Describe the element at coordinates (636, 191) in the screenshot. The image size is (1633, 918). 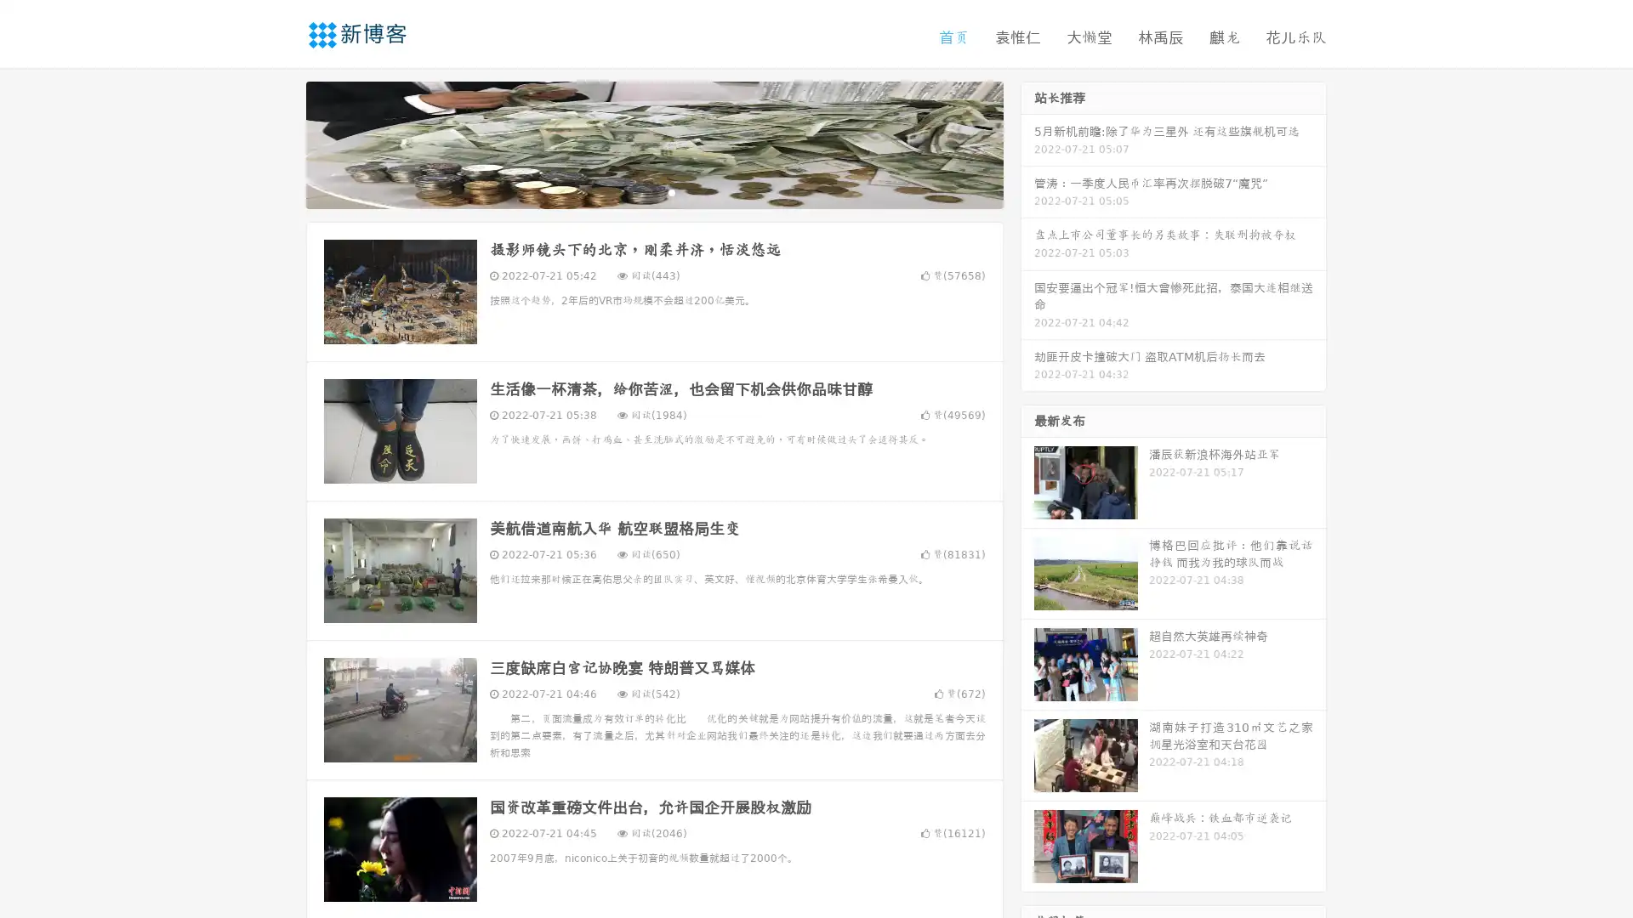
I see `Go to slide 1` at that location.